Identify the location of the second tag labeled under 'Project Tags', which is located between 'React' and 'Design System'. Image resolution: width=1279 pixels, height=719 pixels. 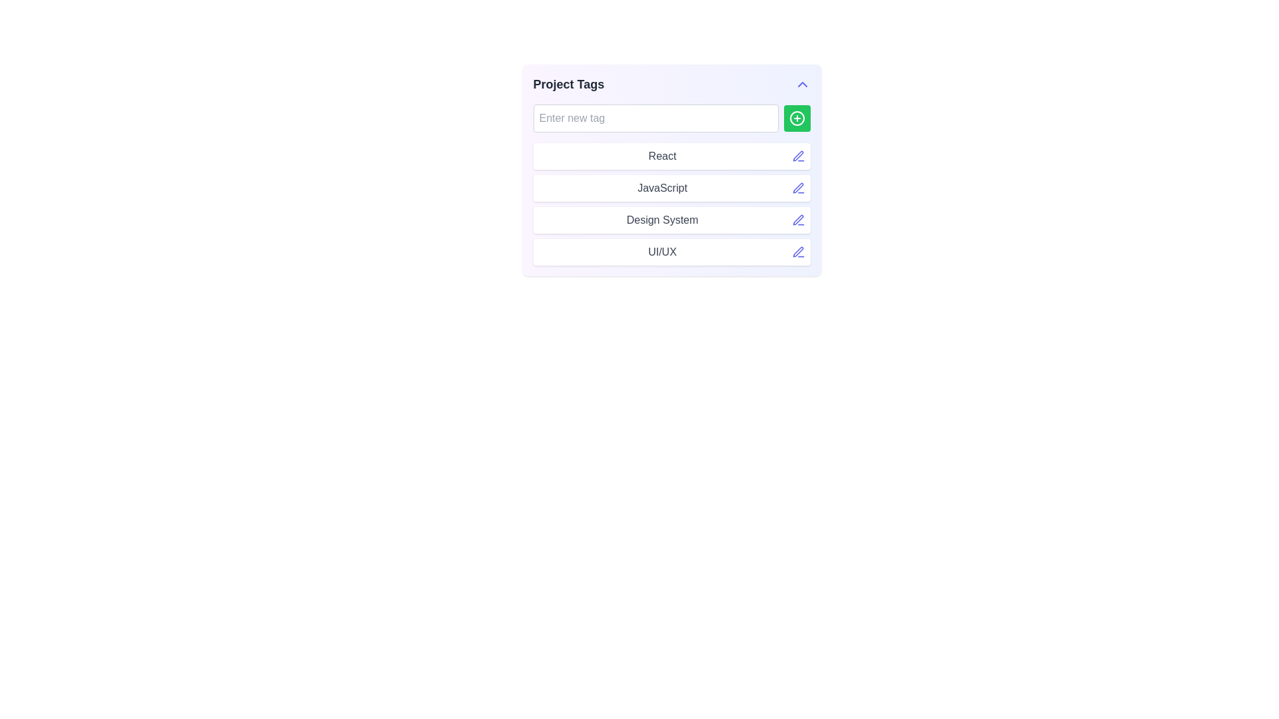
(671, 188).